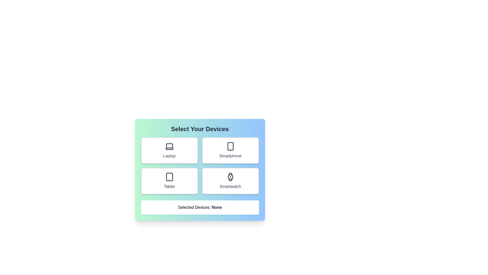 This screenshot has height=275, width=488. Describe the element at coordinates (169, 181) in the screenshot. I see `the Tablet button to observe its hover effect` at that location.